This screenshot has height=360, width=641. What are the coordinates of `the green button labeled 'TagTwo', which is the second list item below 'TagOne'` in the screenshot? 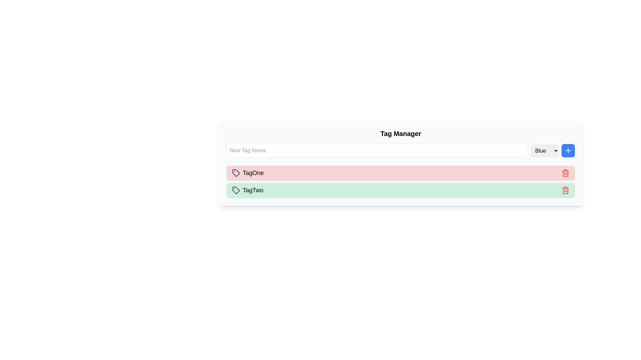 It's located at (401, 190).